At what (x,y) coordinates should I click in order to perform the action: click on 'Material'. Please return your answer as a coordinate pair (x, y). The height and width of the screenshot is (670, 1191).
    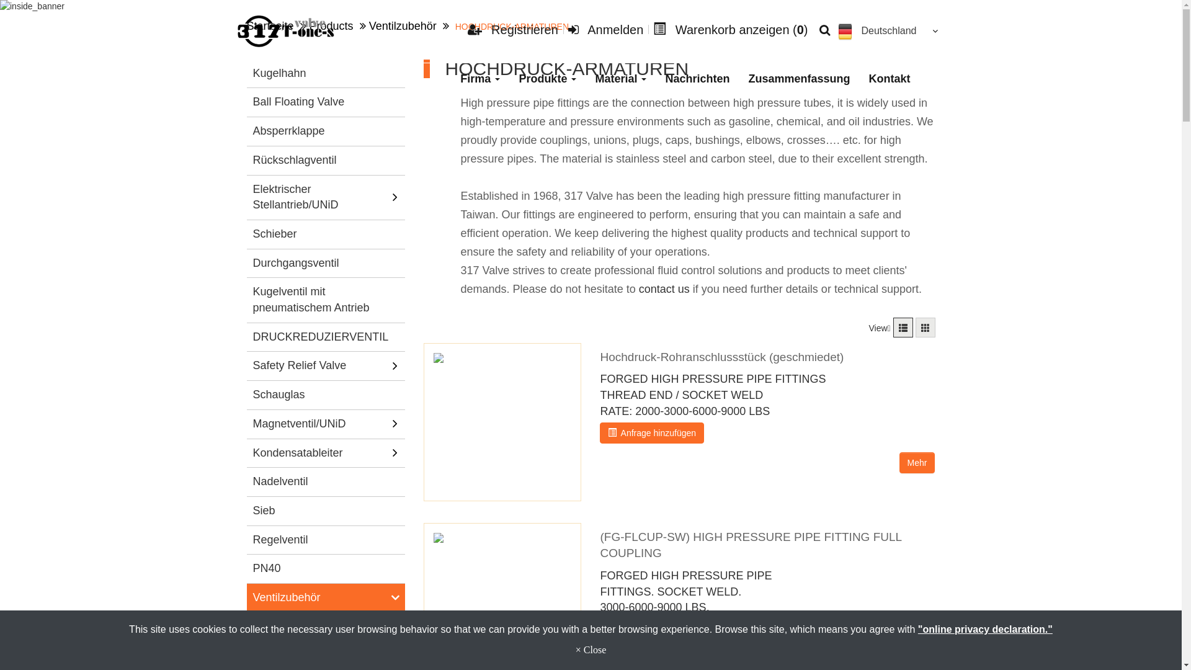
    Looking at the image, I should click on (620, 79).